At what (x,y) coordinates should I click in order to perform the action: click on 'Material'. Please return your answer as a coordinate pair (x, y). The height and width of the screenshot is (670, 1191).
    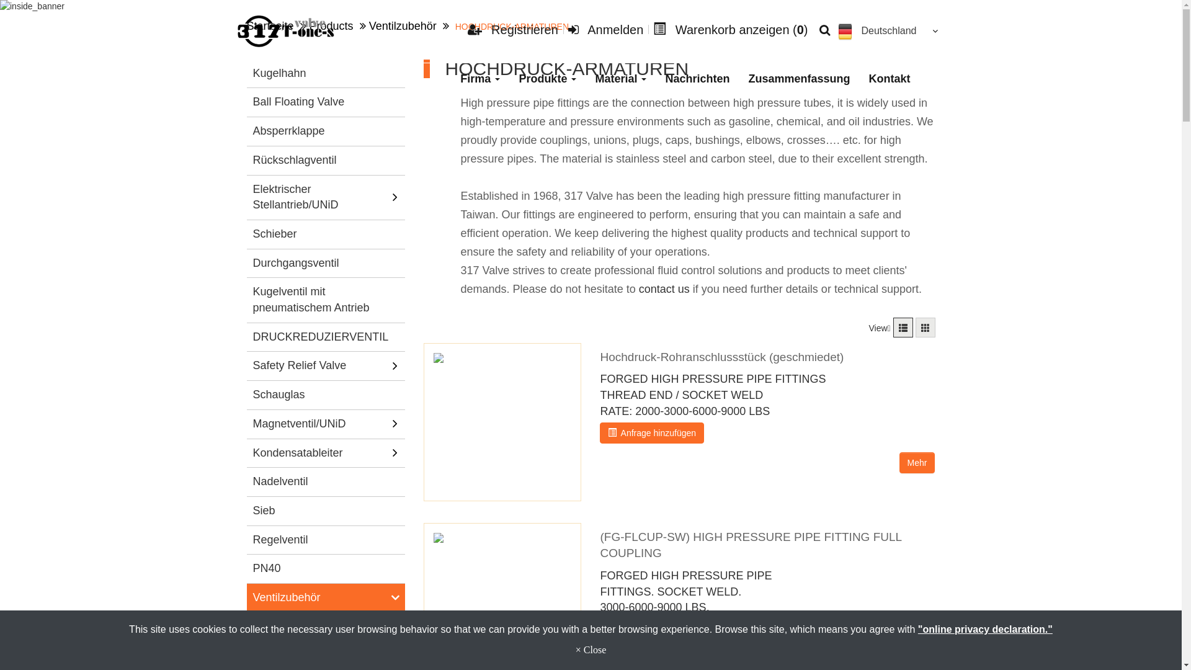
    Looking at the image, I should click on (620, 79).